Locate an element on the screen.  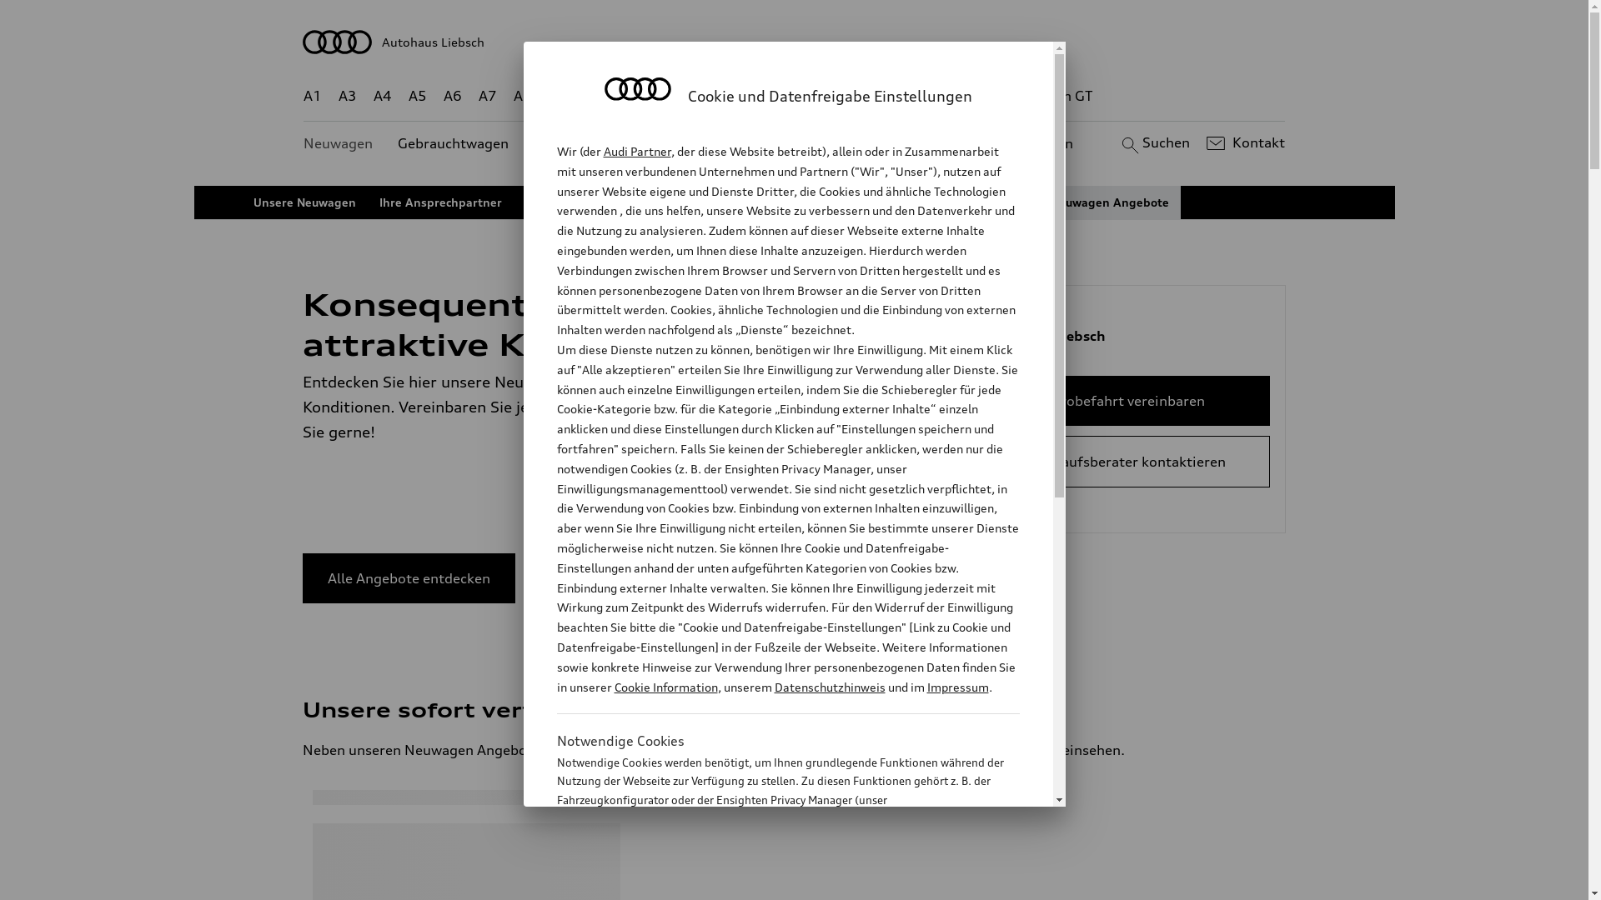
'Alle Angebote entdecken' is located at coordinates (303, 577).